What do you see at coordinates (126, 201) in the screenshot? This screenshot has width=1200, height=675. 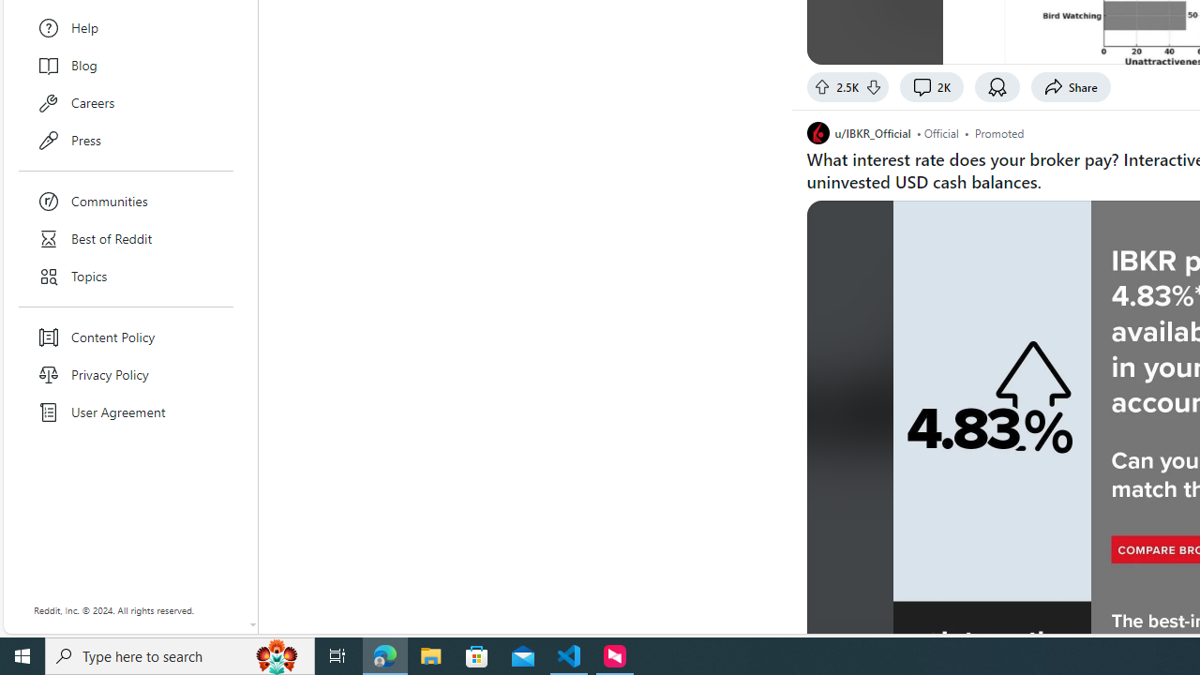 I see `'Communities'` at bounding box center [126, 201].